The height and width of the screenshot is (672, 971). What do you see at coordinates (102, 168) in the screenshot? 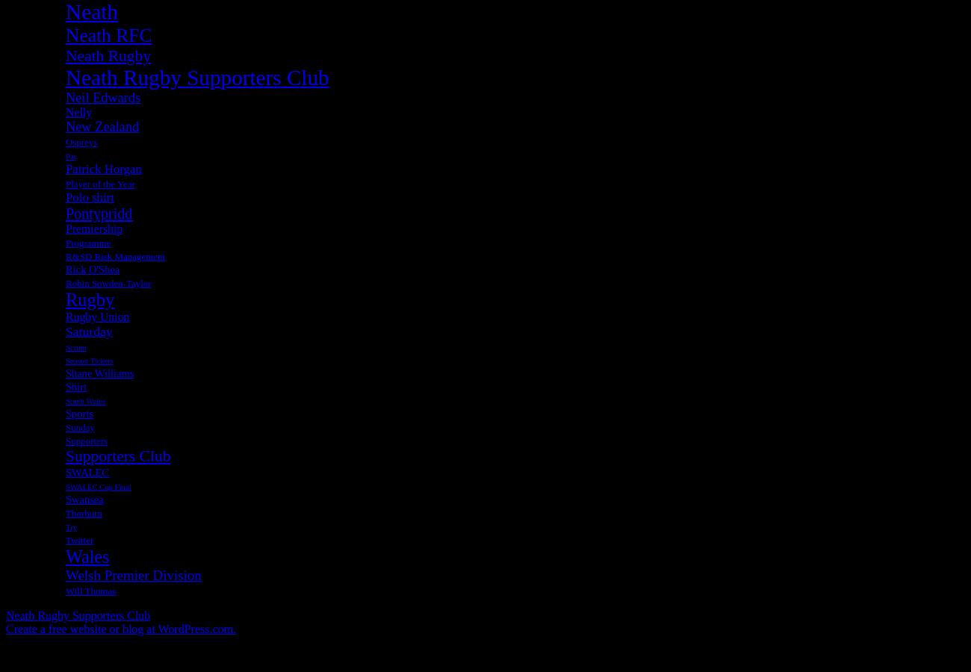
I see `'Patrick Horgan'` at bounding box center [102, 168].